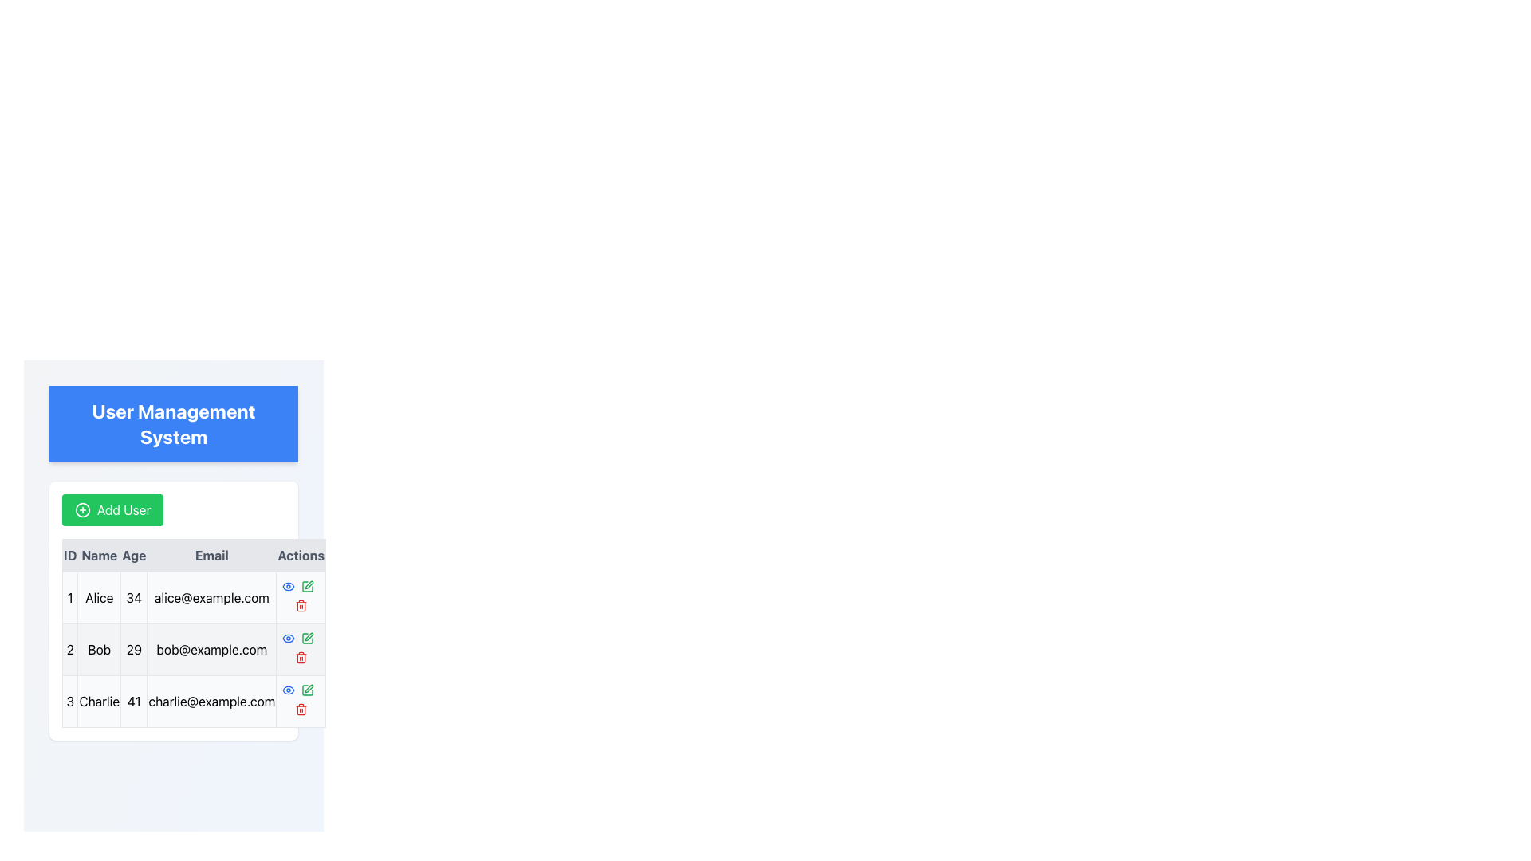  I want to click on the green 'Add User' button with rounded corners located below the 'User Management System' header, so click(112, 510).